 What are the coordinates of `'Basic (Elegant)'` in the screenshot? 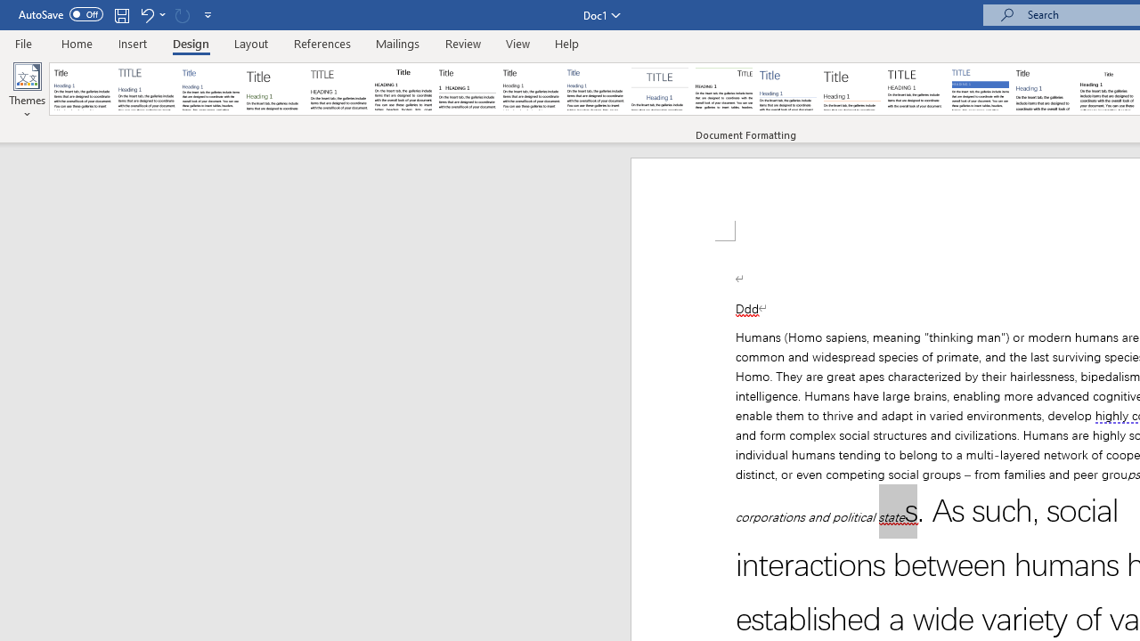 It's located at (147, 89).